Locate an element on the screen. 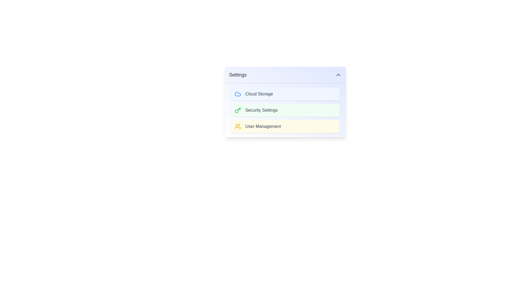  the decorative circle graphic element within the 'Security Settings' SVG icon, which symbolizes a feature related to security is located at coordinates (236, 111).